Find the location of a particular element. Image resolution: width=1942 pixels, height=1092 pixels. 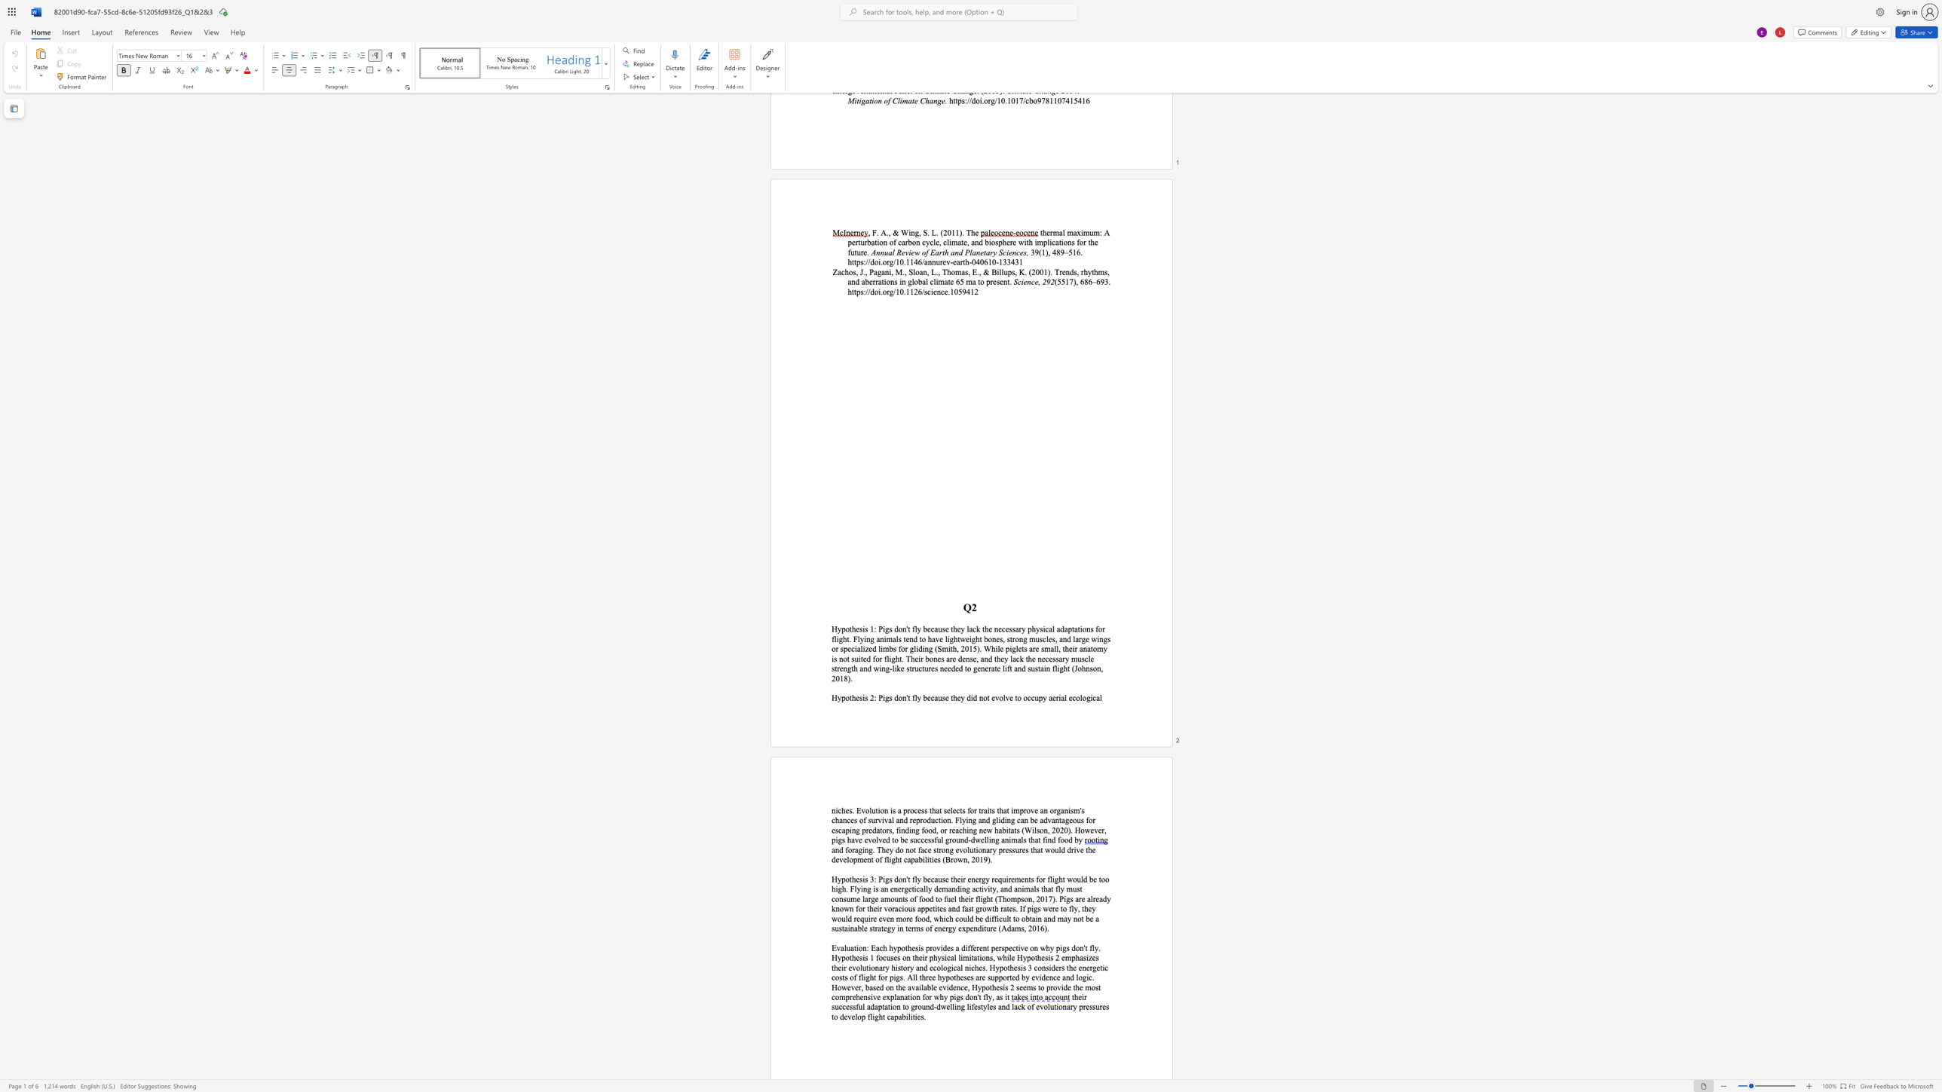

the subset text "sis 3 considers the energetic costs of flig" within the text "thesis 2 emphasizes their evolutionary history and ecological niches. Hypothesis 3 considers the energetic costs of flight for pigs. All three hypotheses are supported by evidence and logic. However, based on the available evidence, Hypothesis 2" is located at coordinates (1016, 967).